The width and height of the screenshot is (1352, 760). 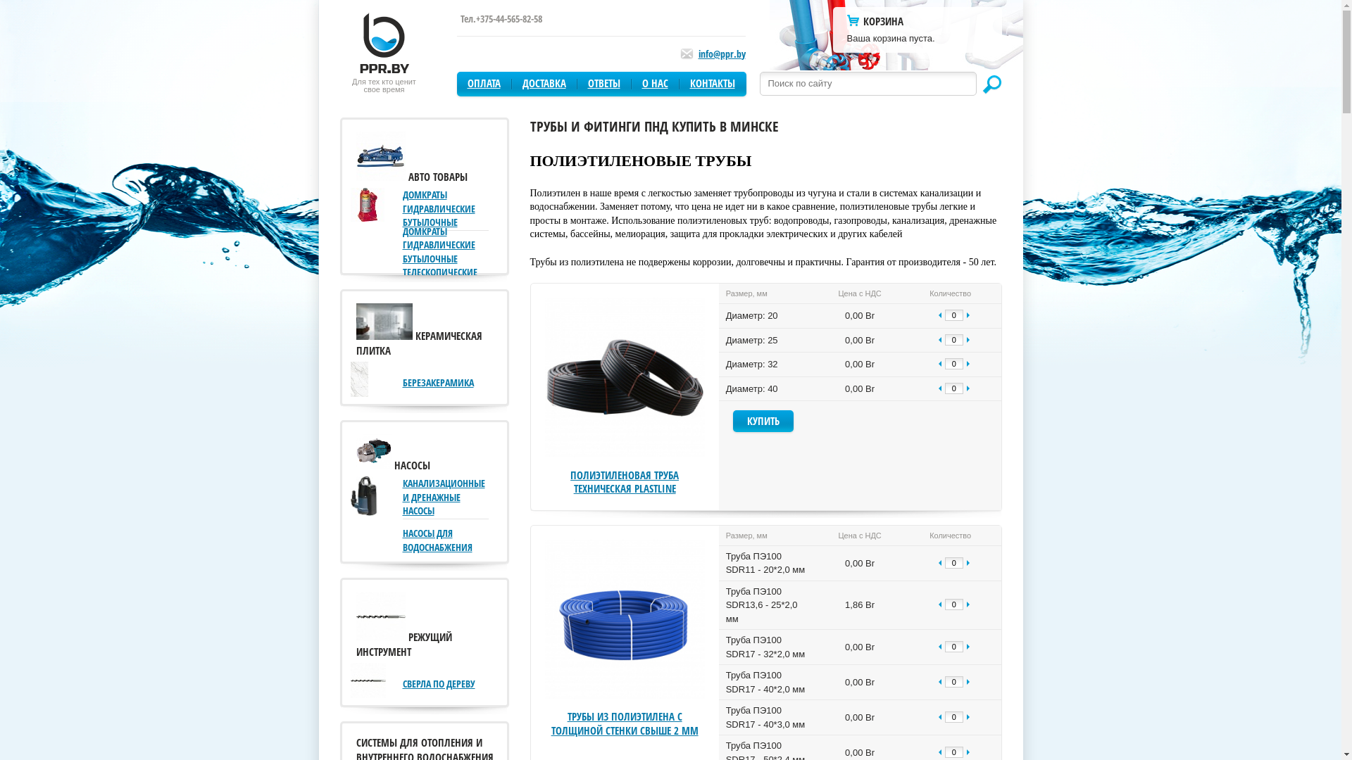 What do you see at coordinates (967, 340) in the screenshot?
I see `'+'` at bounding box center [967, 340].